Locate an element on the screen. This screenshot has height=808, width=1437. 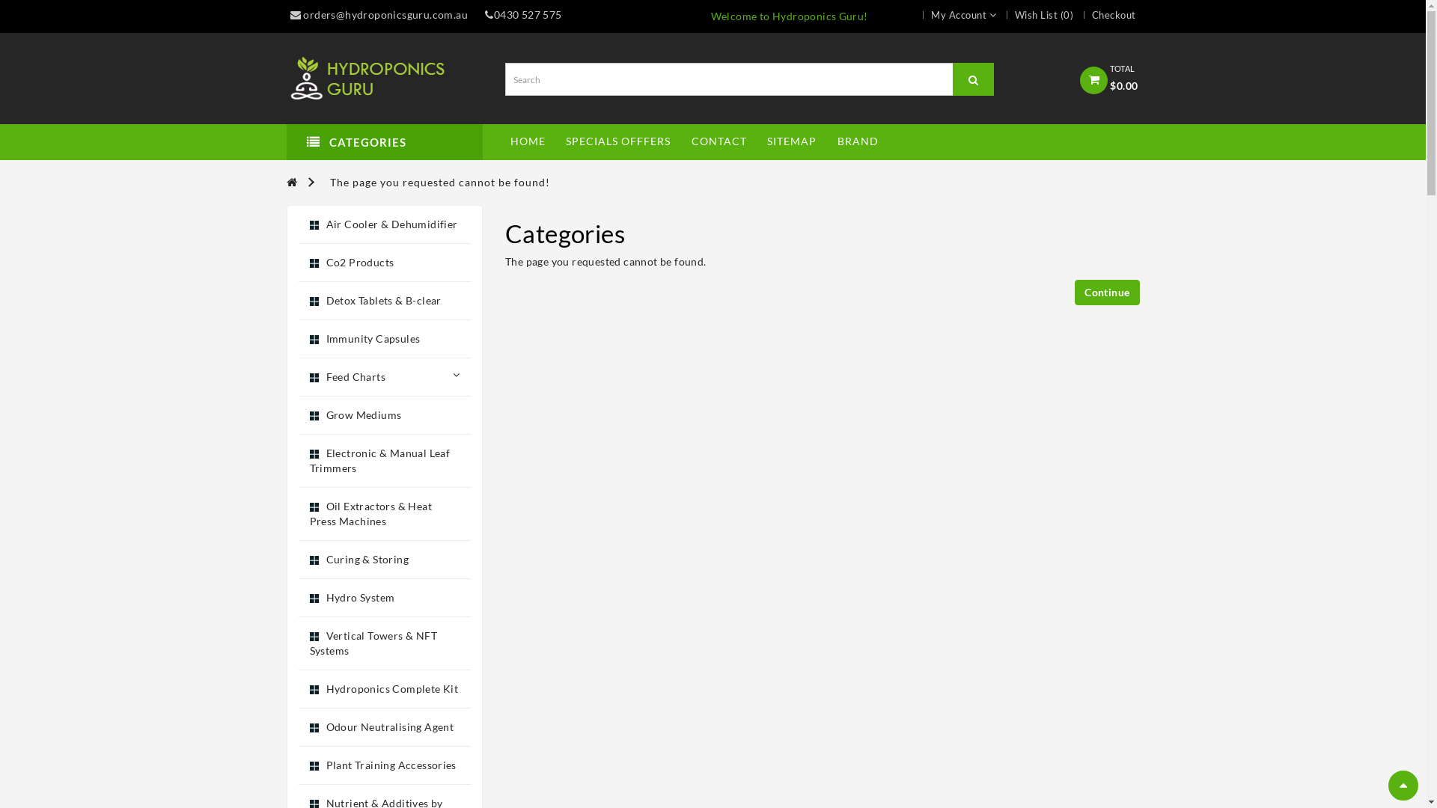
'Electronic & Manual Leaf Trimmers' is located at coordinates (384, 459).